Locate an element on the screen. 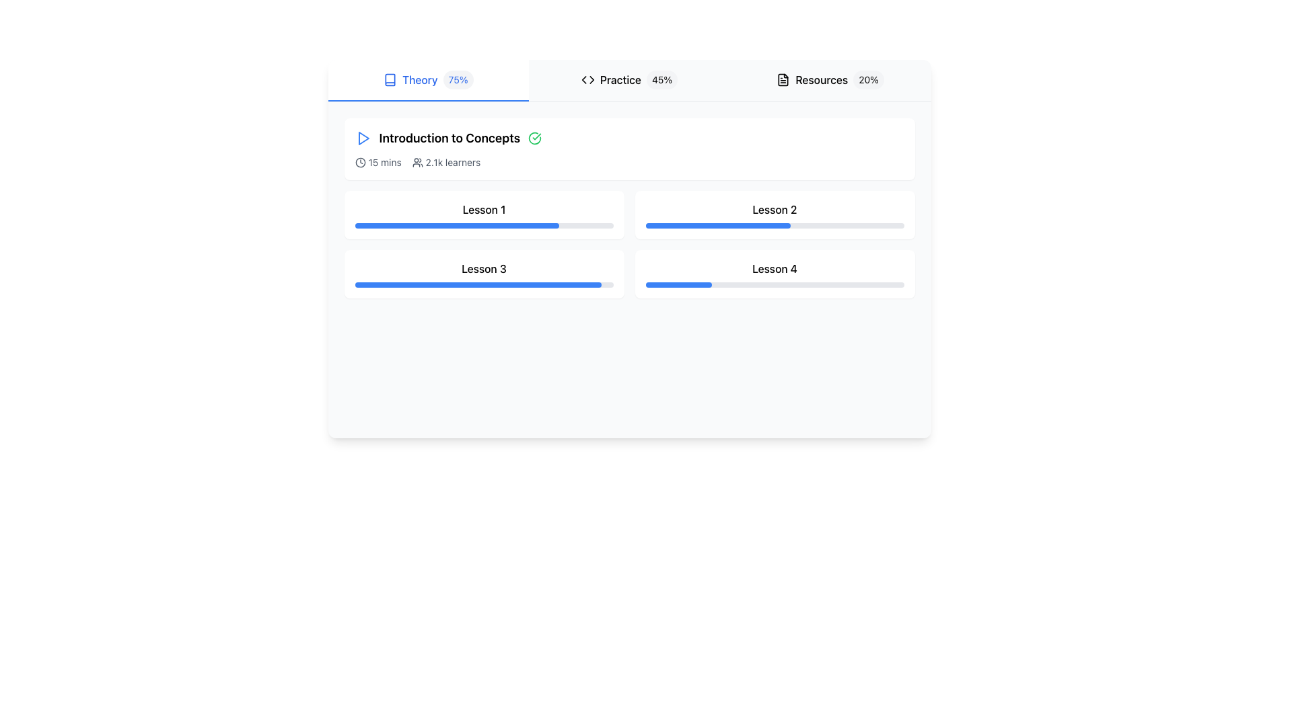 The image size is (1292, 726). the label displaying '75%' with a gray background located in the 'Theory' tab section, positioned between the 'Theory' and 'Practice' navigation tabs is located at coordinates (458, 80).